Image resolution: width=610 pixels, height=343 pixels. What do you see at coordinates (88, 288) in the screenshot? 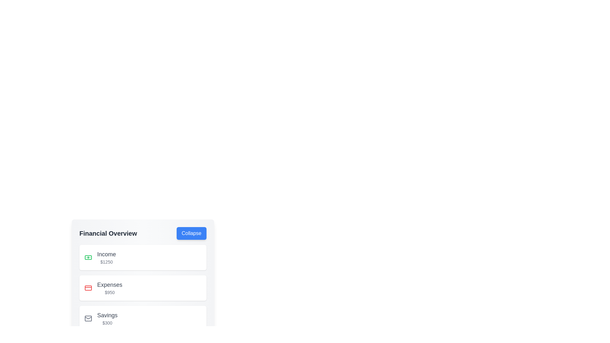
I see `the SVG rectangle representing the credit card icon located adjacent to the 'Expenses' label in the 'Financial Overview' section` at bounding box center [88, 288].